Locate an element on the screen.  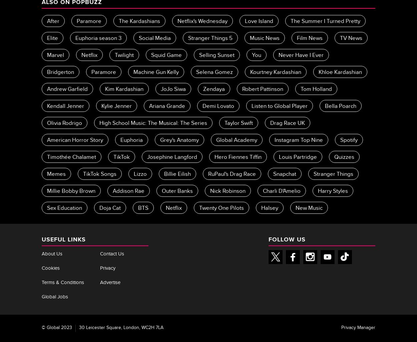
'Global Jobs' is located at coordinates (55, 297).